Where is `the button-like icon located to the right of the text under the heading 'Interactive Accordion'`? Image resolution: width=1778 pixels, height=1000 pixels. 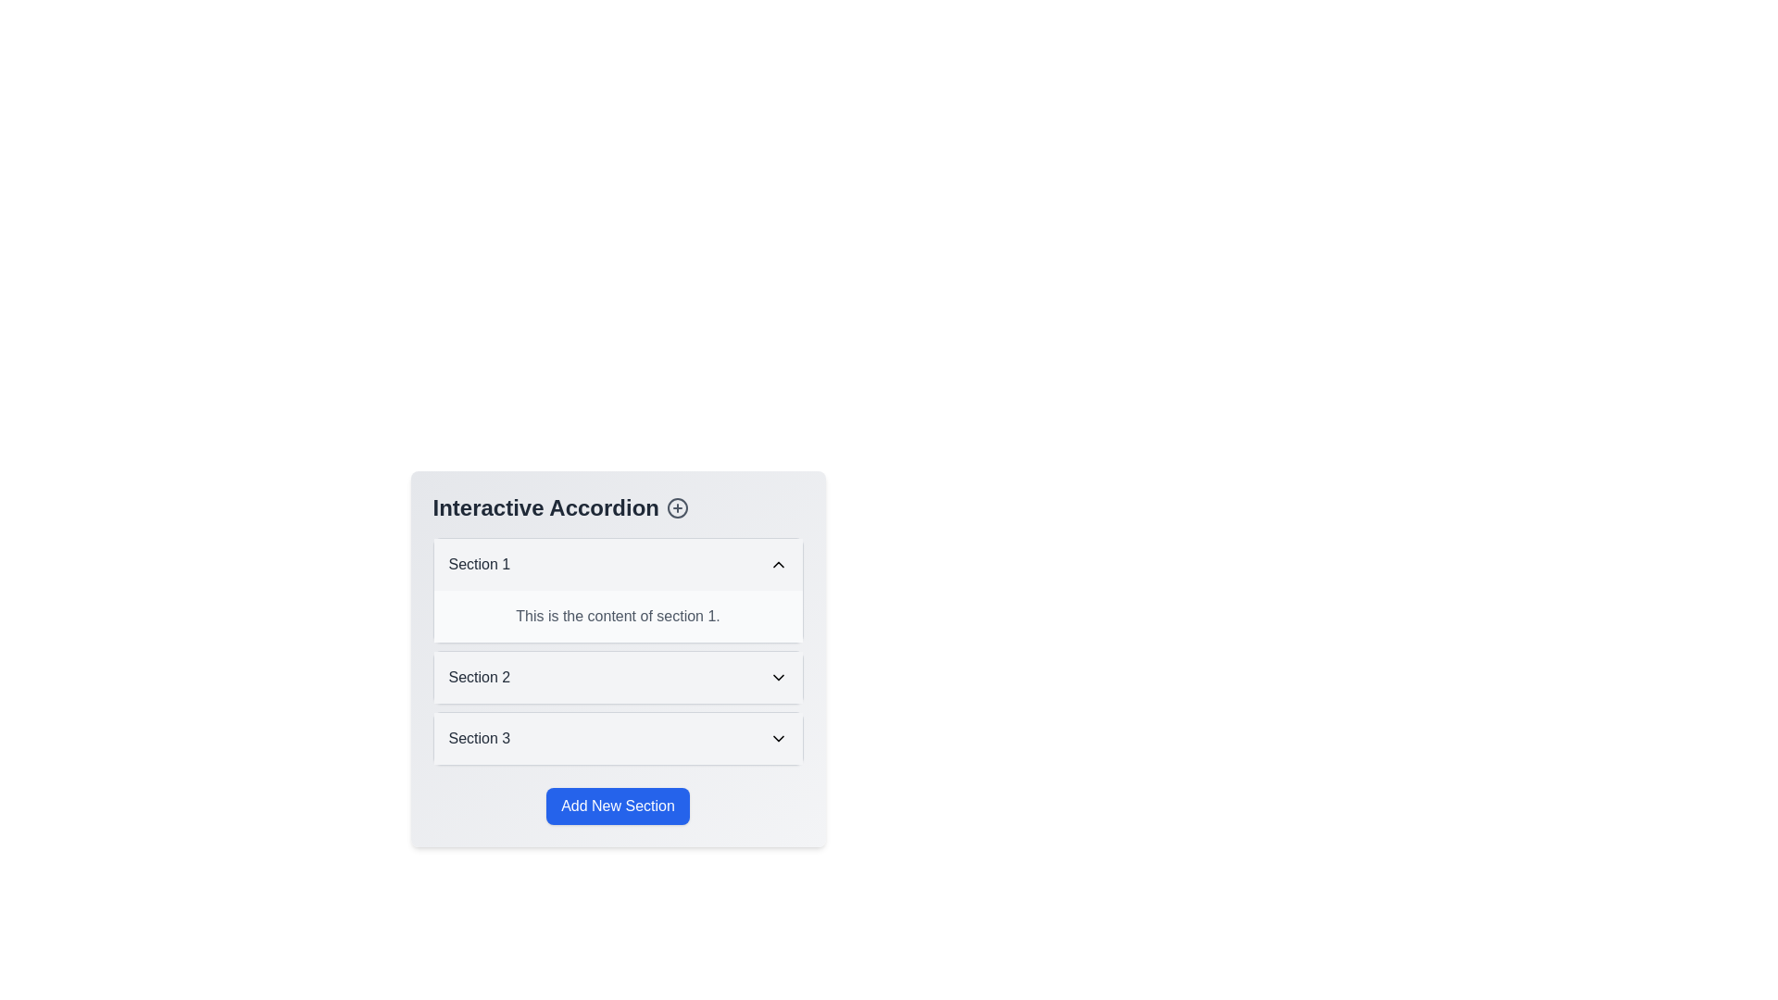
the button-like icon located to the right of the text under the heading 'Interactive Accordion' is located at coordinates (676, 507).